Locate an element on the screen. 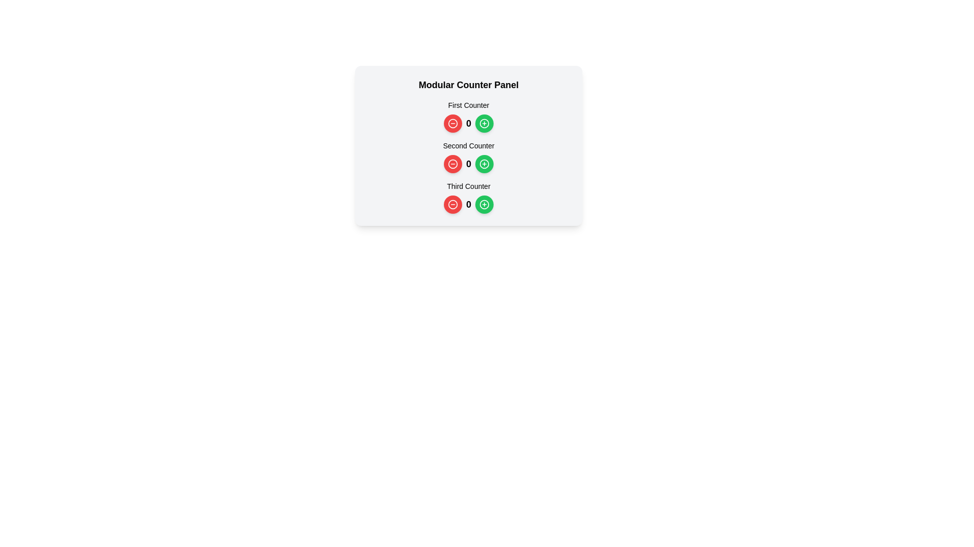 This screenshot has height=547, width=974. the 'Third Counter' Text Label, which serves as a descriptor for the corresponding counter section and is positioned above the counter controls is located at coordinates (468, 186).